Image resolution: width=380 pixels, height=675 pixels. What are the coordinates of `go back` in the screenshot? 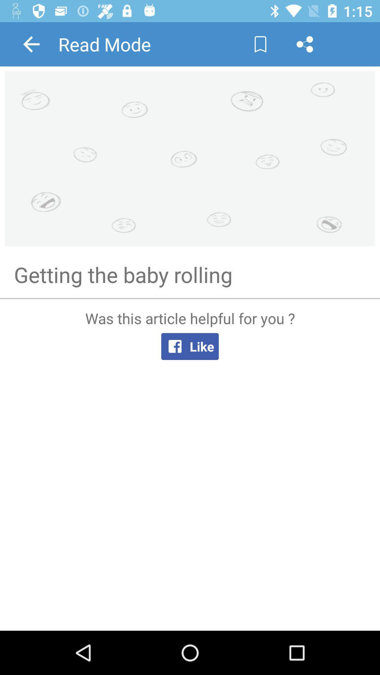 It's located at (31, 44).